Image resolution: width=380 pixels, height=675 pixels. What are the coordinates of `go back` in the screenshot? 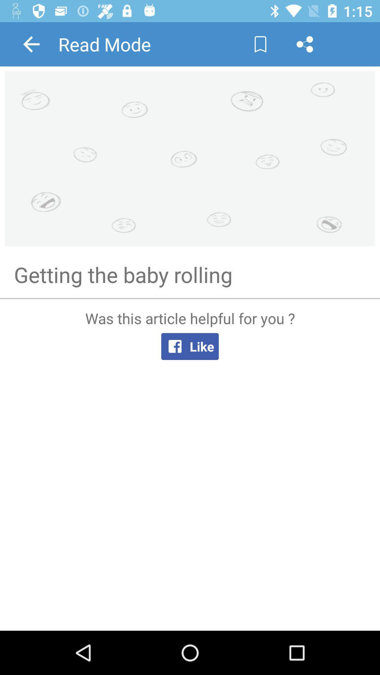 It's located at (31, 44).